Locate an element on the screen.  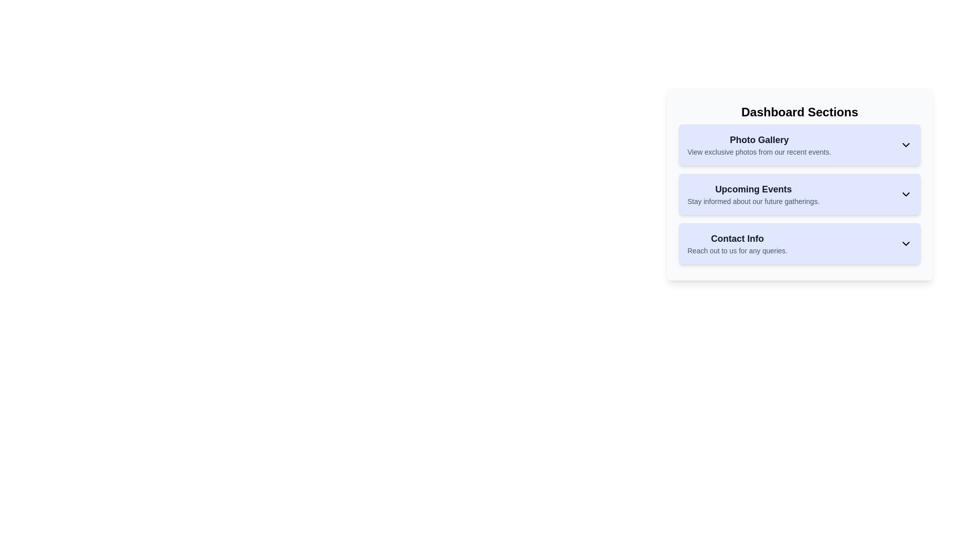
the static text label reading 'Contact Info', which is styled in bold dark-gray font against a light blue background, located at the top of the third section in the 'Dashboard Sections' panel is located at coordinates (737, 239).